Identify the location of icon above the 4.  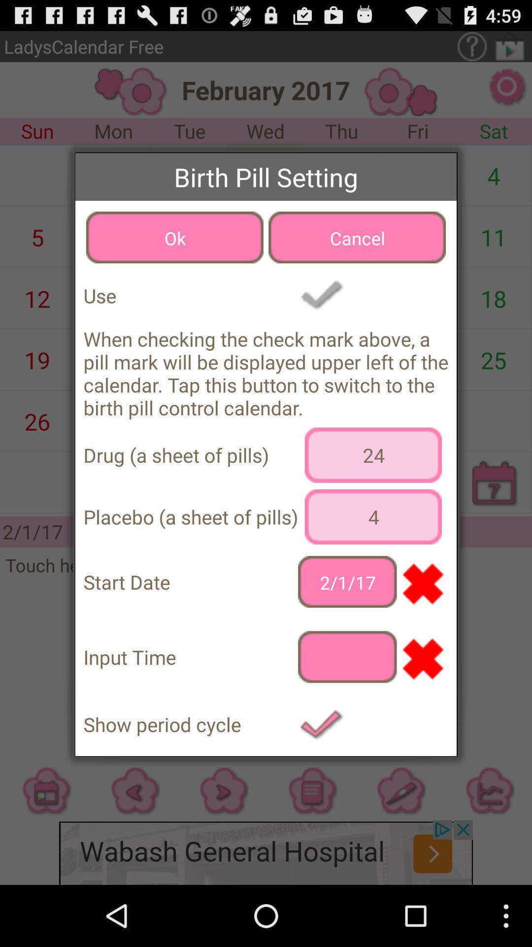
(373, 454).